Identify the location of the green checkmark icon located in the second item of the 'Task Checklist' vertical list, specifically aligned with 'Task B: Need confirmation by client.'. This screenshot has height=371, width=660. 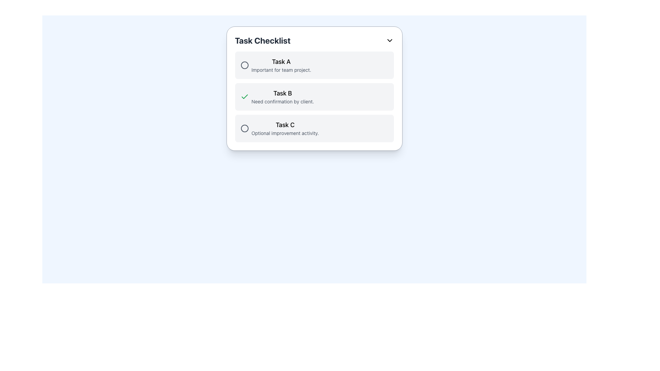
(244, 97).